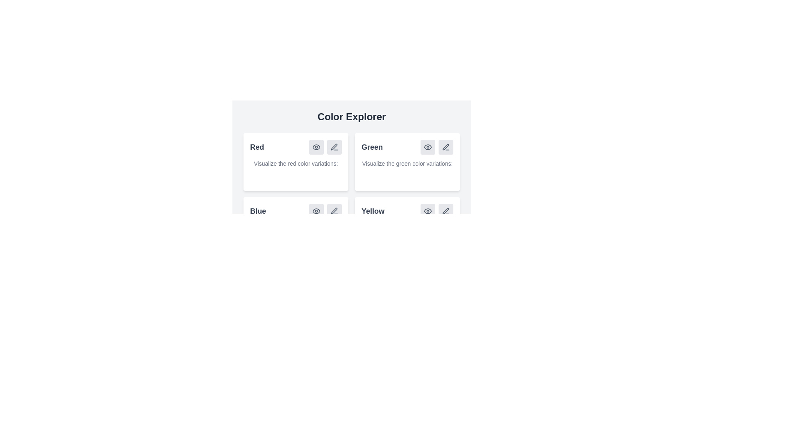 The height and width of the screenshot is (443, 787). I want to click on the descriptive text label for the color section indicating red color variations to potentially see additional information, so click(296, 163).